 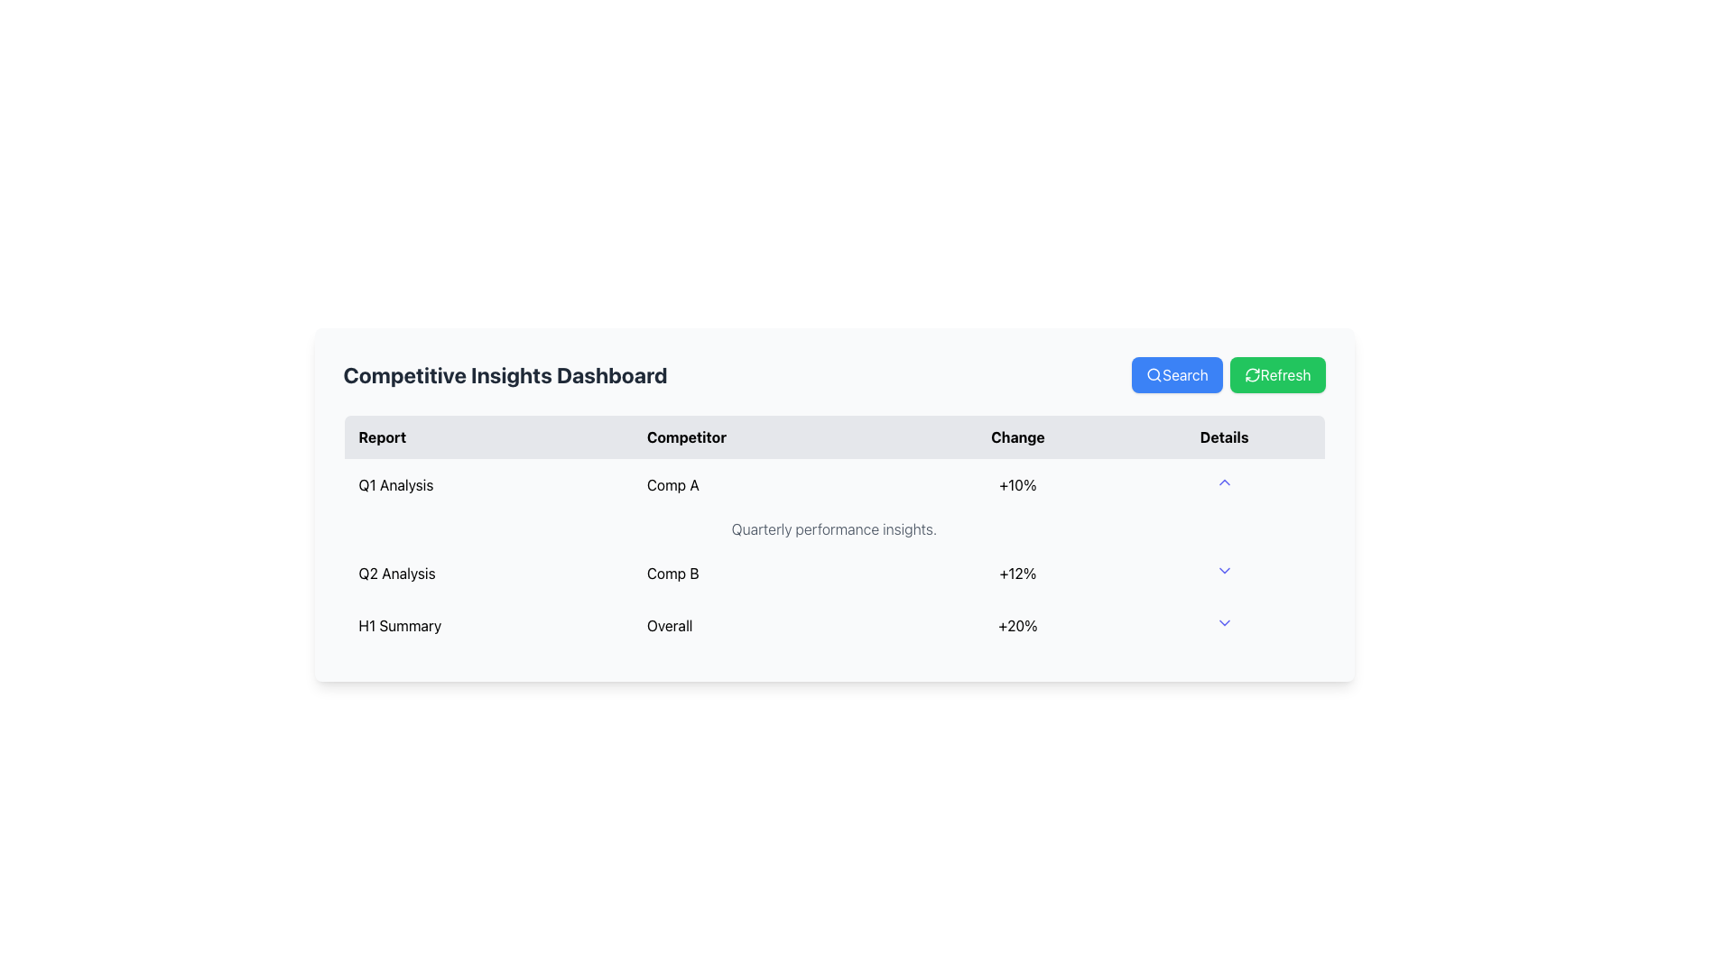 I want to click on the Dropdown toggle button, represented as a downward chevron, located in the last column of the 'H1 Summary' row under the 'Details' column, so click(x=1224, y=625).